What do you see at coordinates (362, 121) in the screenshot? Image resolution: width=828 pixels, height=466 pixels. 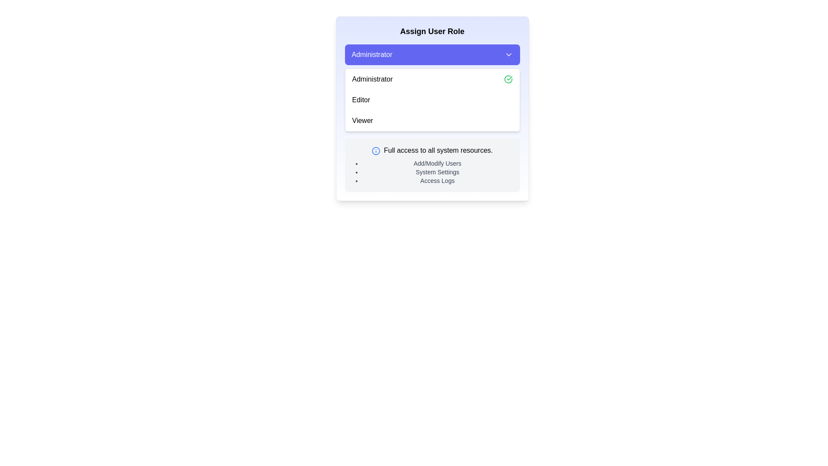 I see `the 'Viewer' text label, which is the last option in the 'Assign User Role' dropdown menu, styled with medium font weight` at bounding box center [362, 121].